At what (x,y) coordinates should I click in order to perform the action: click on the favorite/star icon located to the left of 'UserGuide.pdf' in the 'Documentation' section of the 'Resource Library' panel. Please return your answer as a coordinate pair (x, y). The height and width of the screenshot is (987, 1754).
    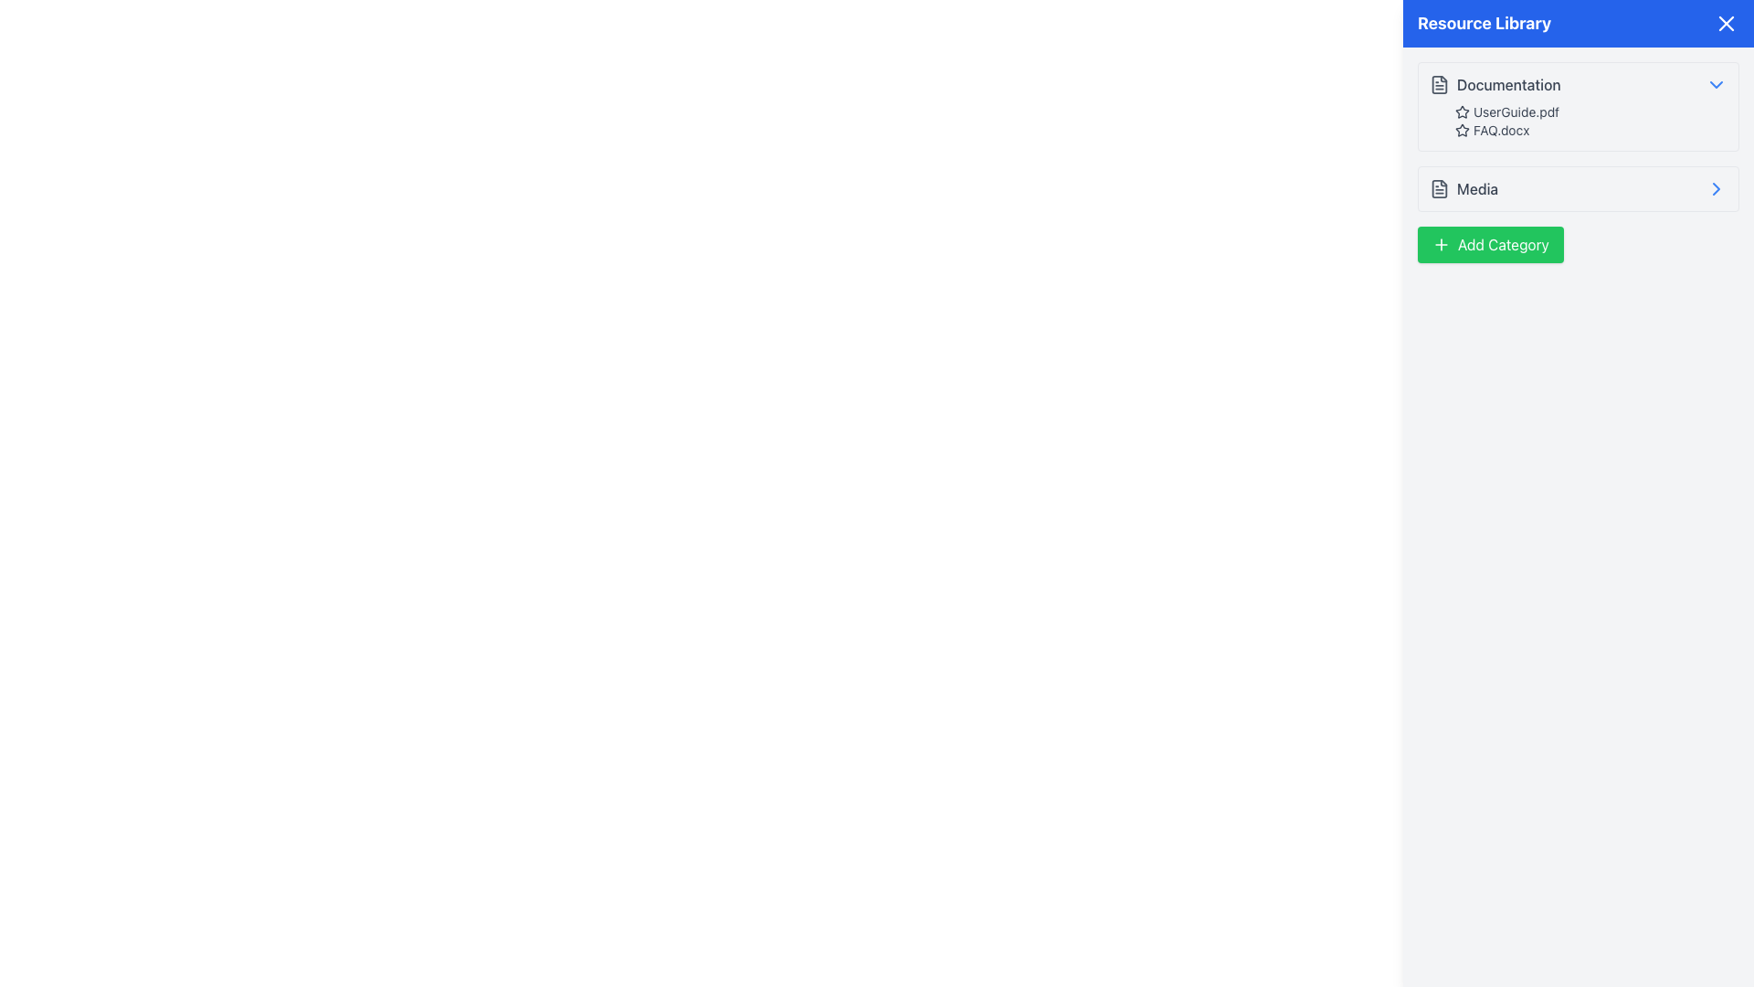
    Looking at the image, I should click on (1463, 112).